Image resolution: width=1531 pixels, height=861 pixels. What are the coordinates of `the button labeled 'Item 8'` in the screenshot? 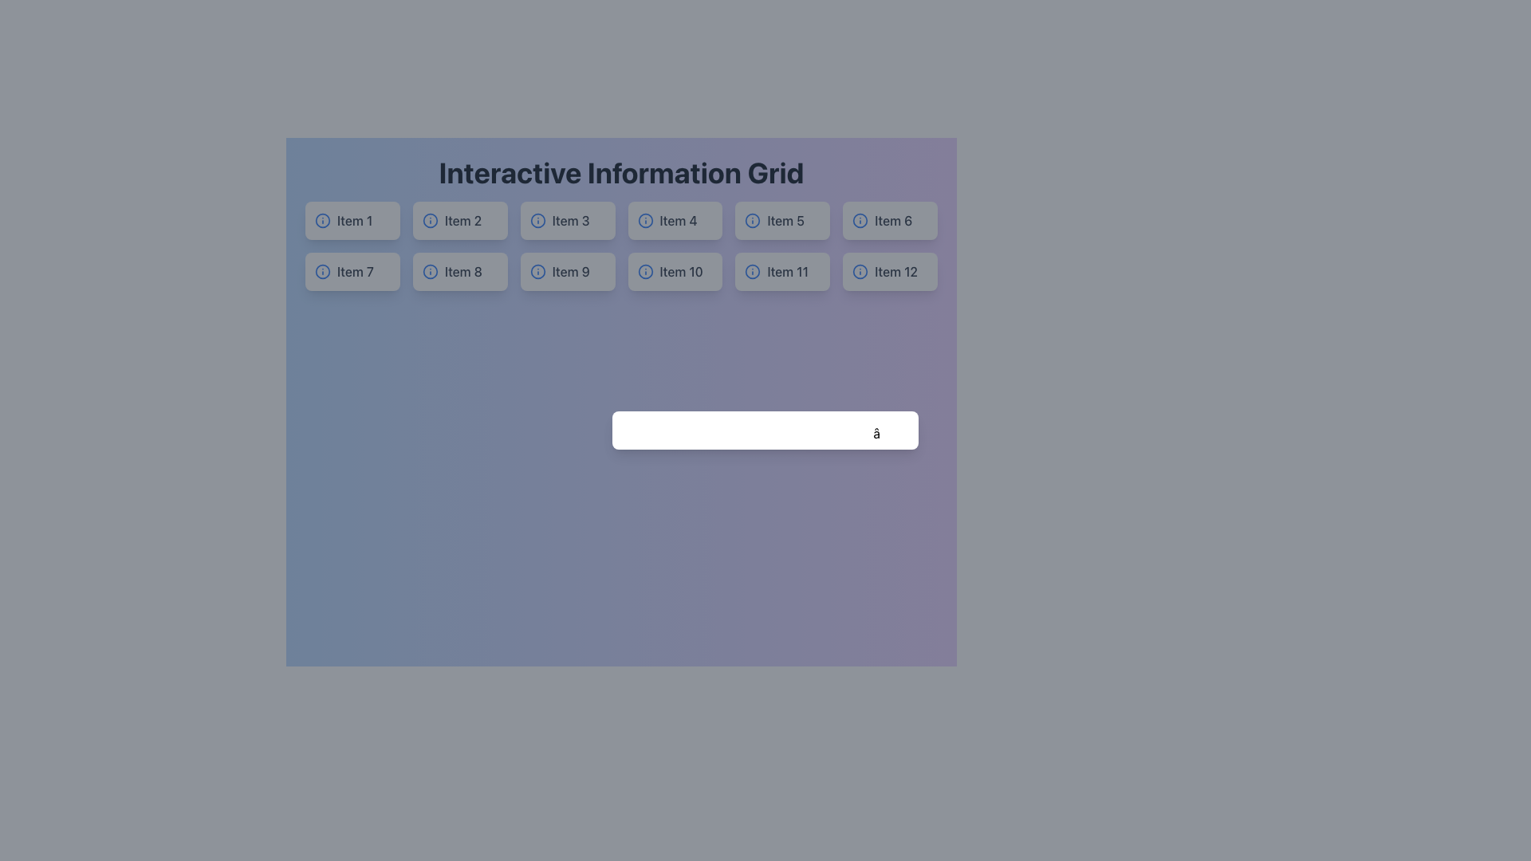 It's located at (459, 270).